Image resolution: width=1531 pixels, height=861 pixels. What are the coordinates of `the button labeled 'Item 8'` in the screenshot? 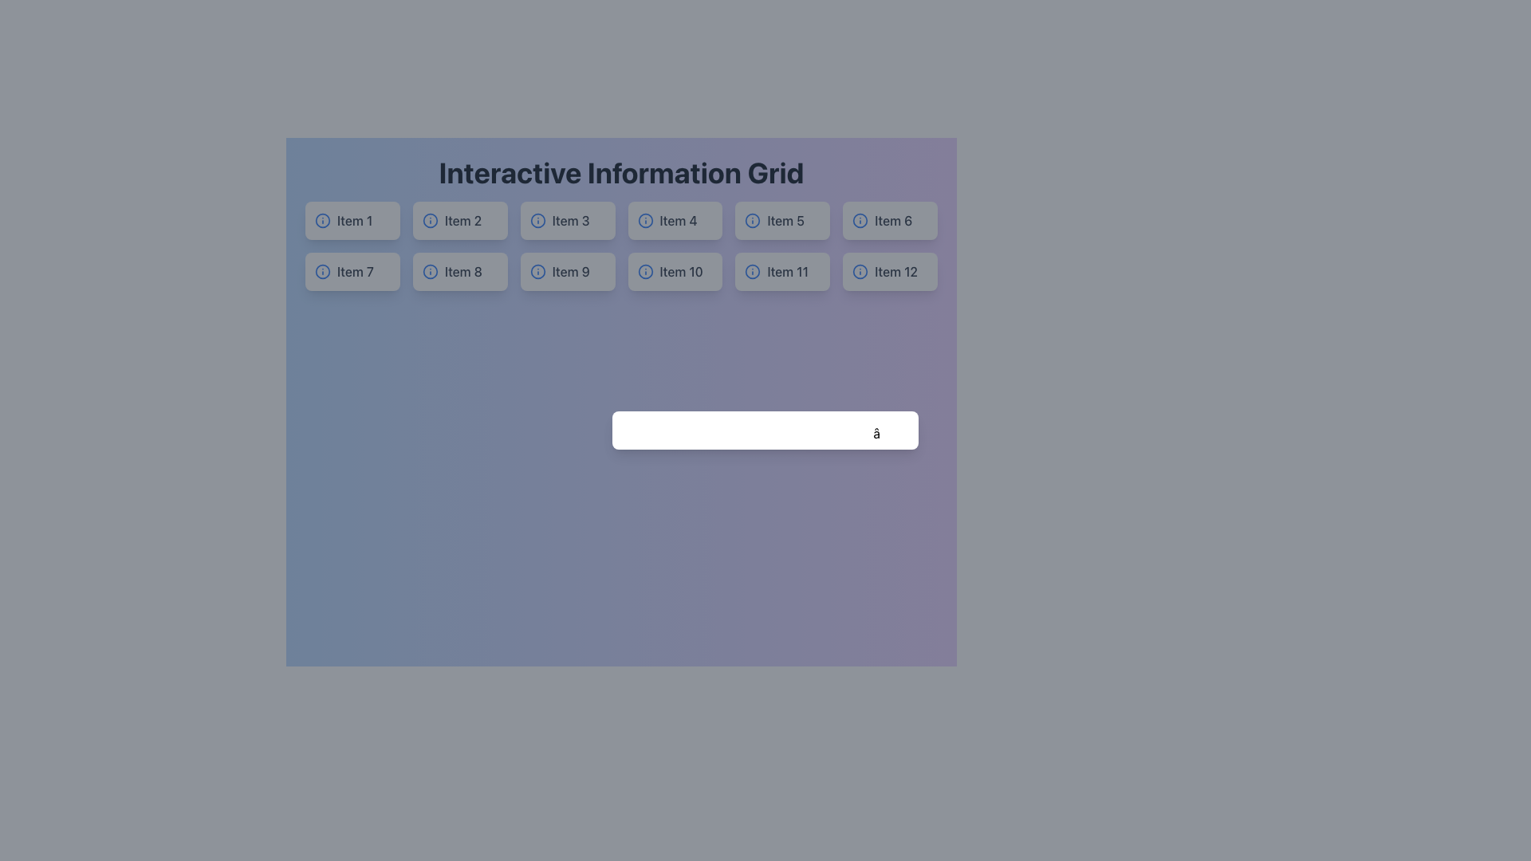 It's located at (459, 270).